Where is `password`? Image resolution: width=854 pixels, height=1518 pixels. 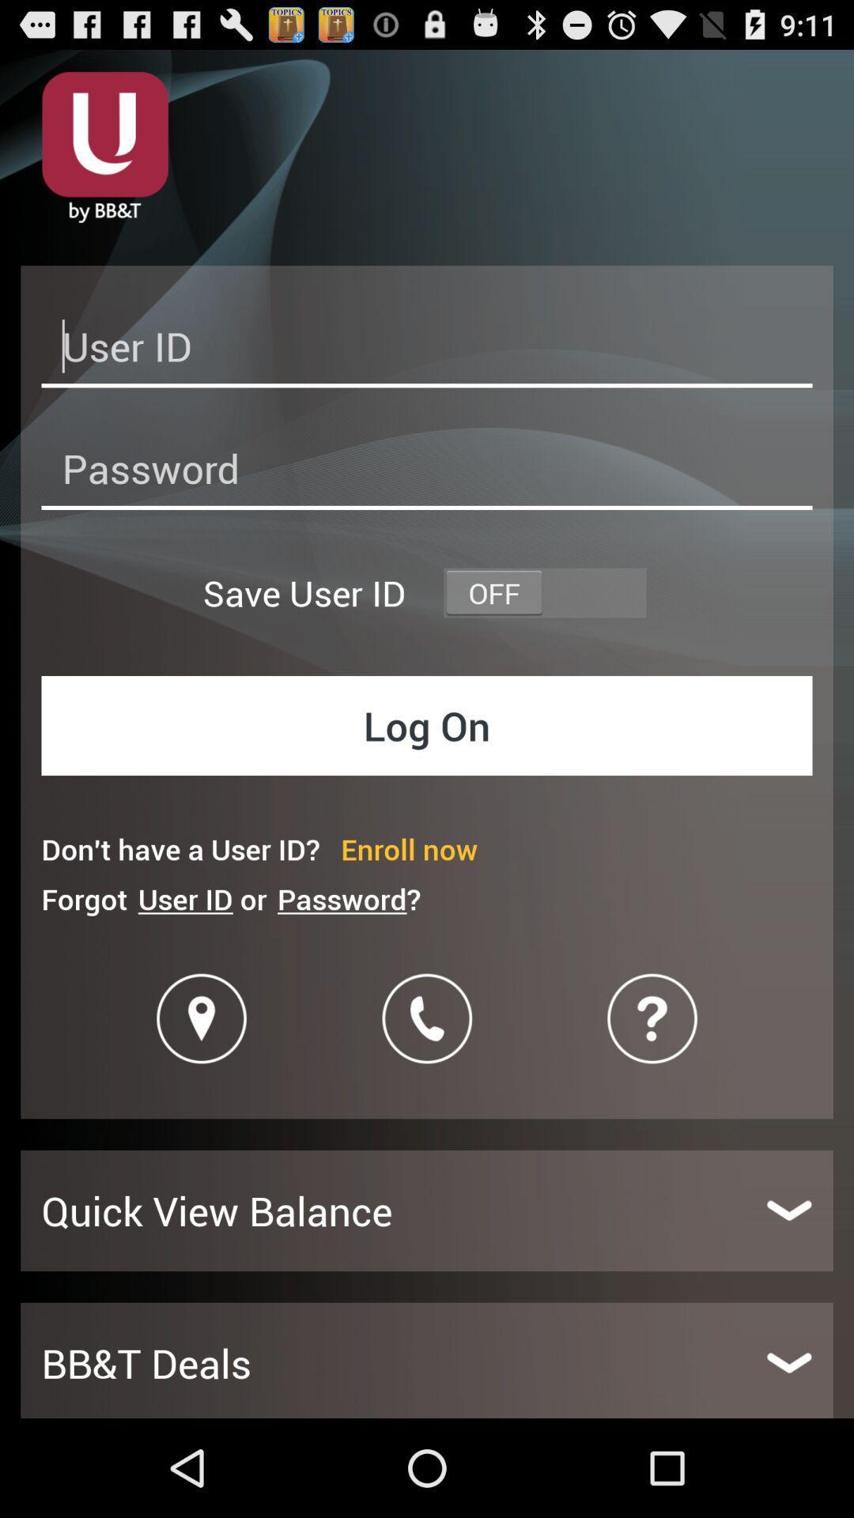
password is located at coordinates (427, 473).